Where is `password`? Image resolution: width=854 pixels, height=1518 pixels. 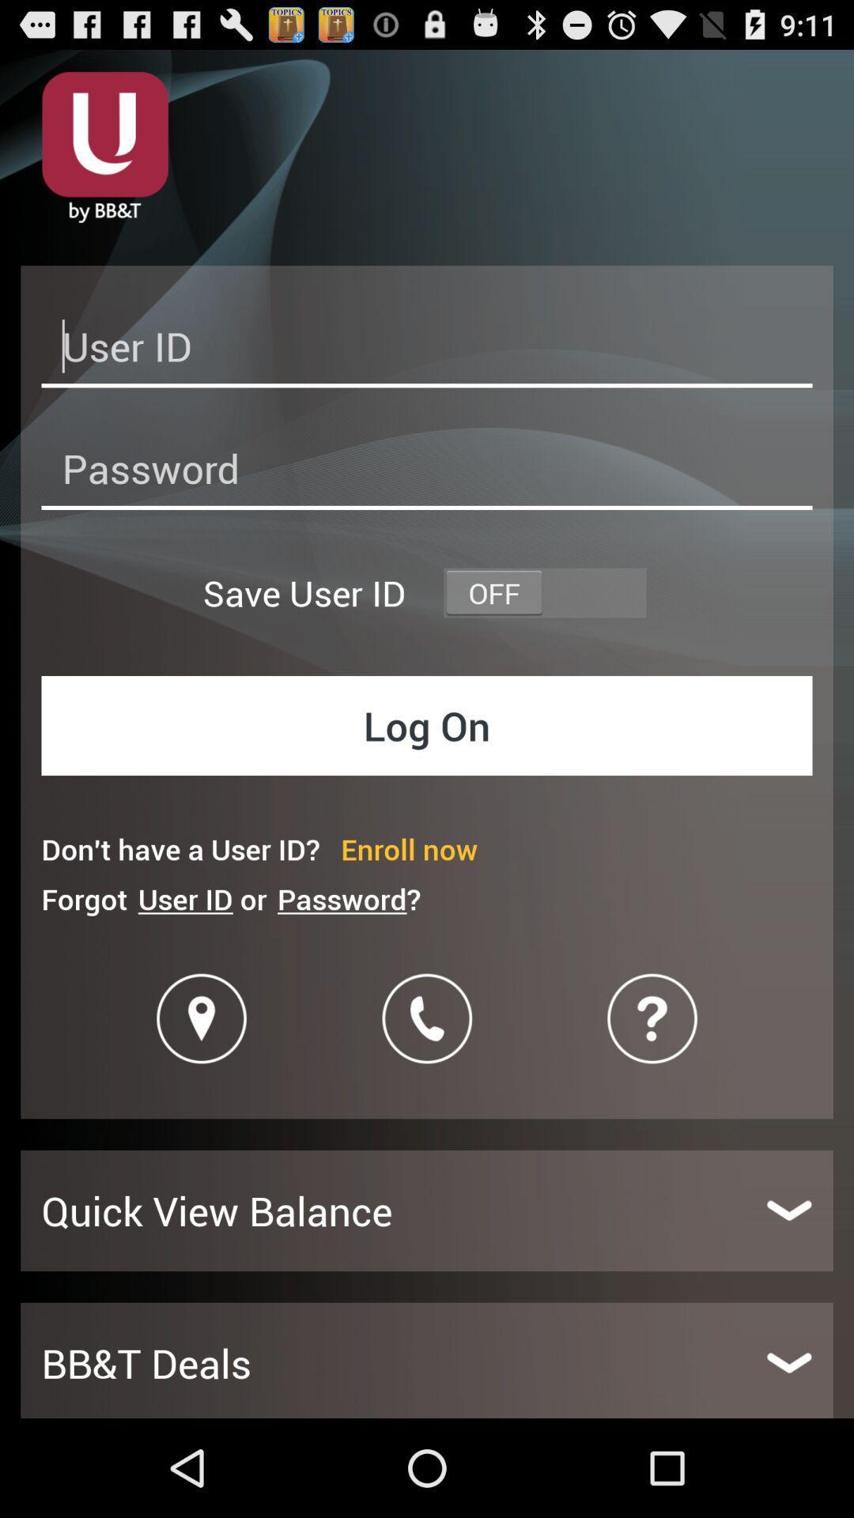
password is located at coordinates (427, 473).